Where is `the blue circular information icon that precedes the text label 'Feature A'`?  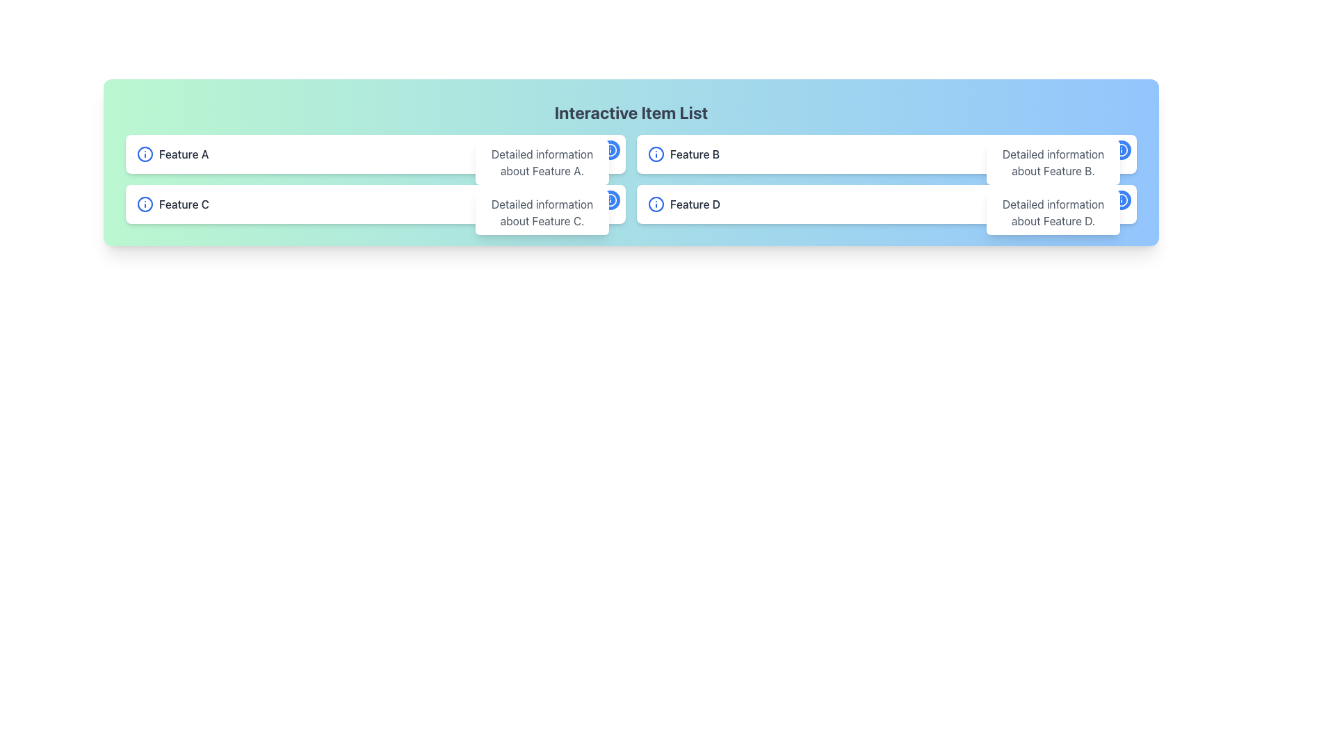 the blue circular information icon that precedes the text label 'Feature A' is located at coordinates (145, 154).